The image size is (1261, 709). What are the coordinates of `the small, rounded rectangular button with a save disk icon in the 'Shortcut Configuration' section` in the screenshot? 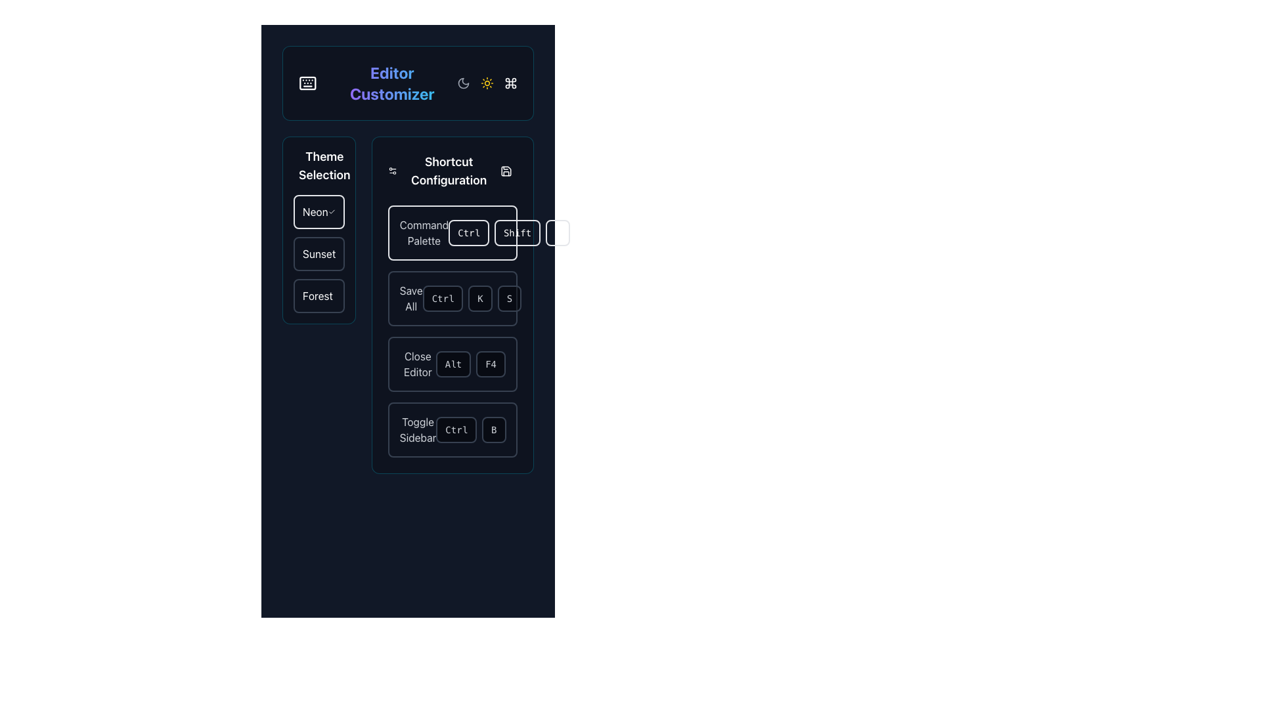 It's located at (506, 171).